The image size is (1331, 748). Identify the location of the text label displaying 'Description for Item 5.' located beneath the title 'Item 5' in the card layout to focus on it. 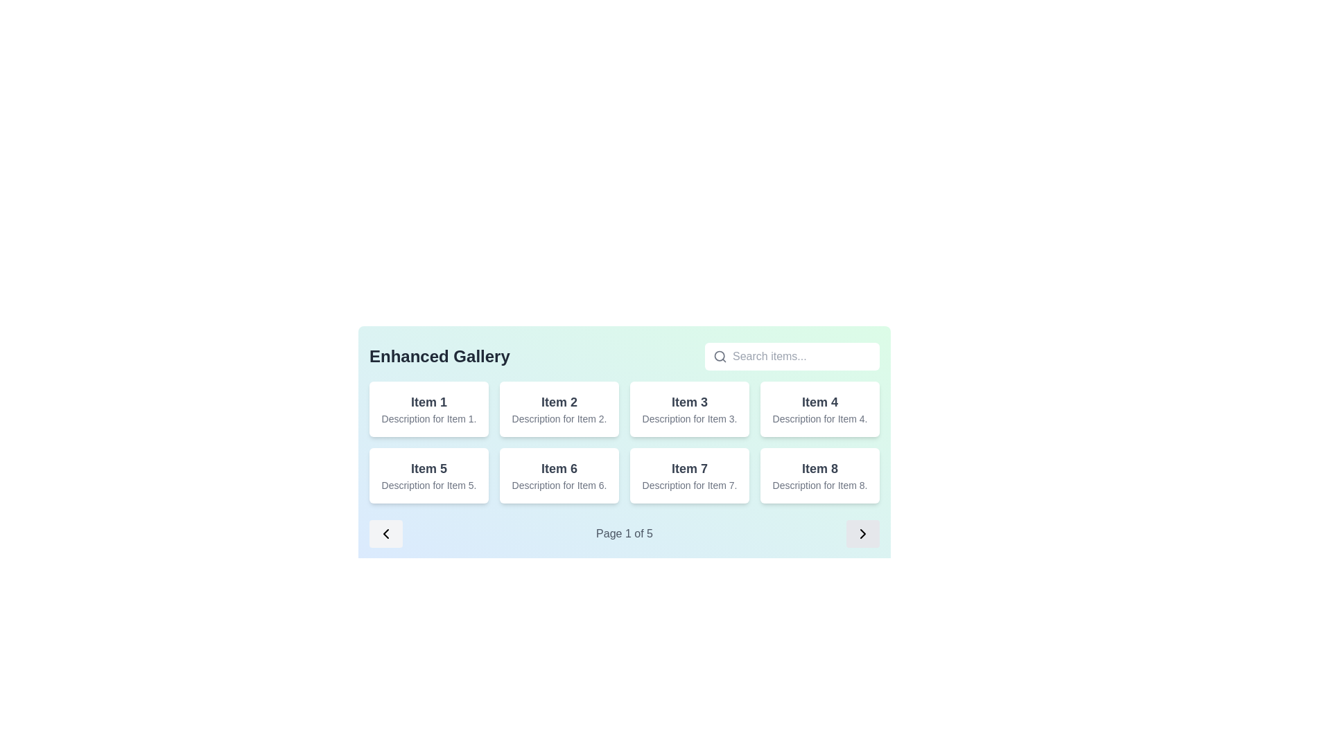
(428, 485).